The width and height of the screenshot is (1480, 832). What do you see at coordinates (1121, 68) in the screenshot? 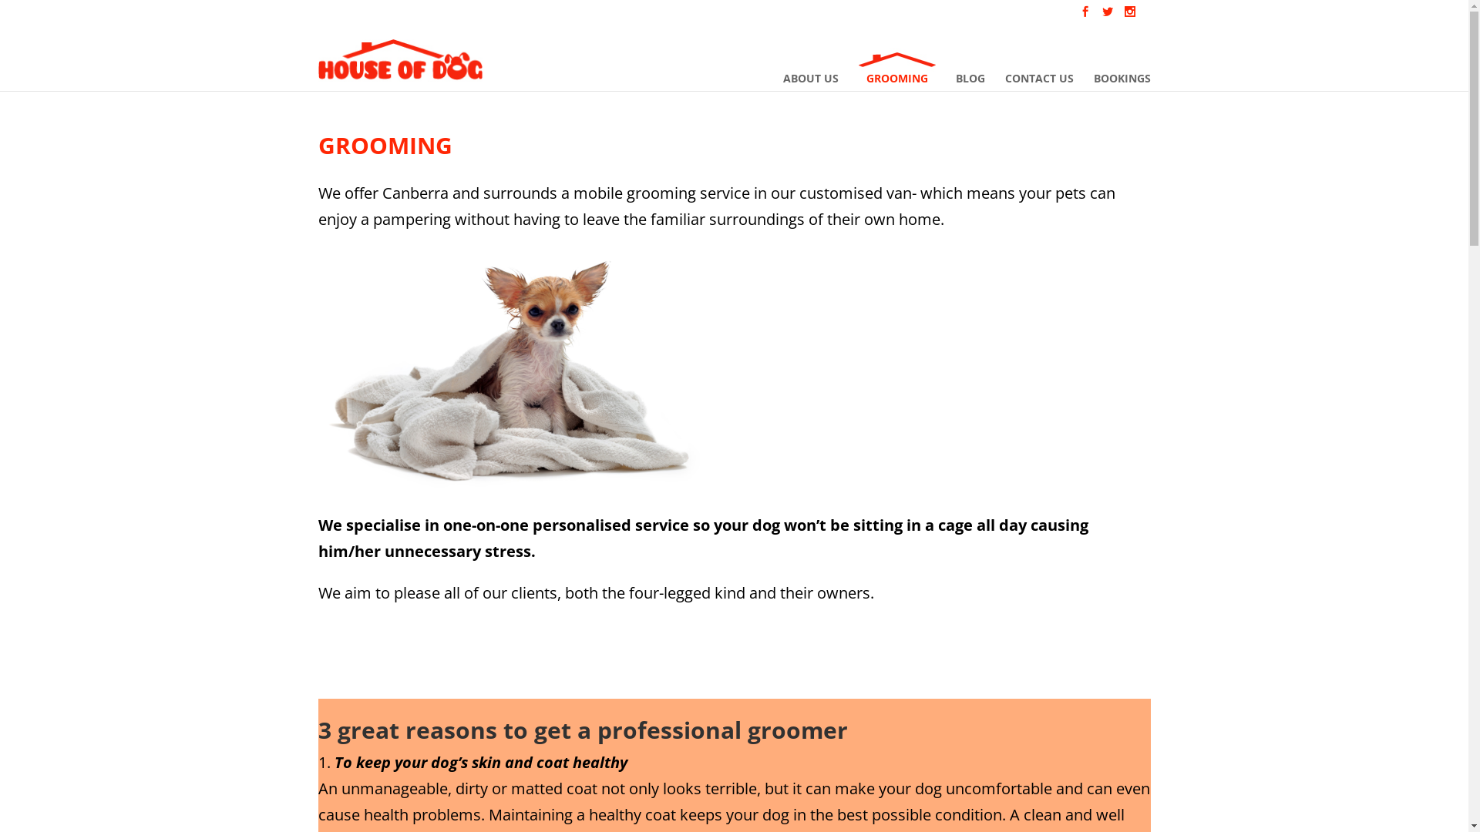
I see `'BOOKINGS'` at bounding box center [1121, 68].